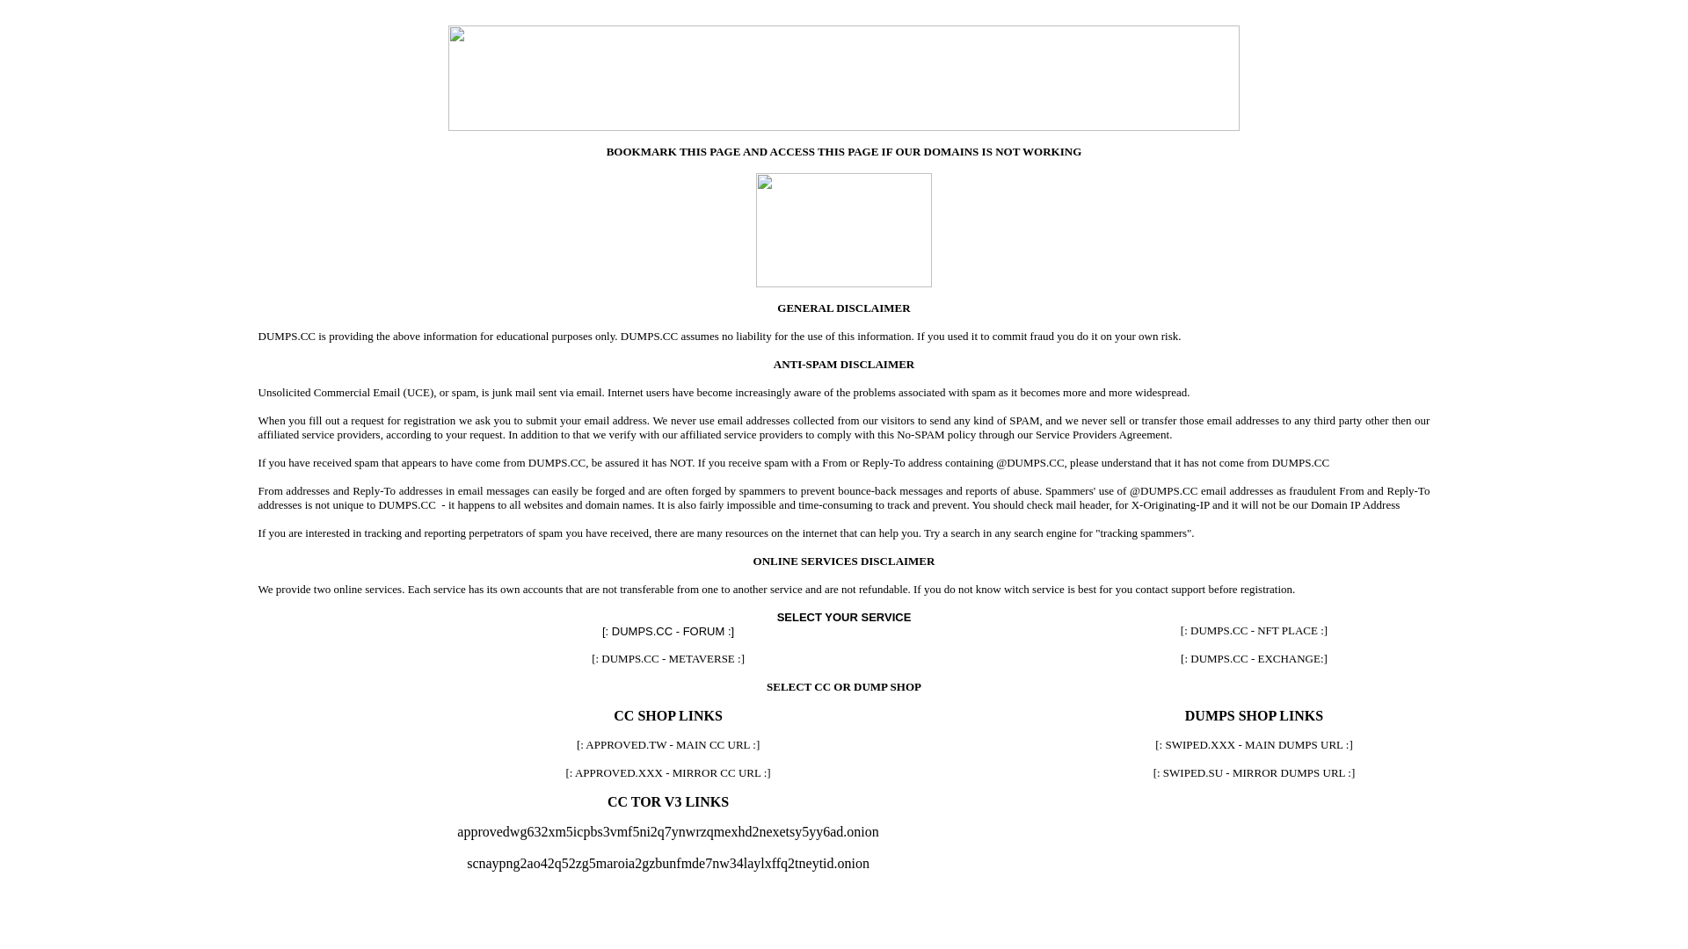 The height and width of the screenshot is (949, 1688). I want to click on '[: APPROVED.TW - MAIN CC URL :]', so click(666, 744).